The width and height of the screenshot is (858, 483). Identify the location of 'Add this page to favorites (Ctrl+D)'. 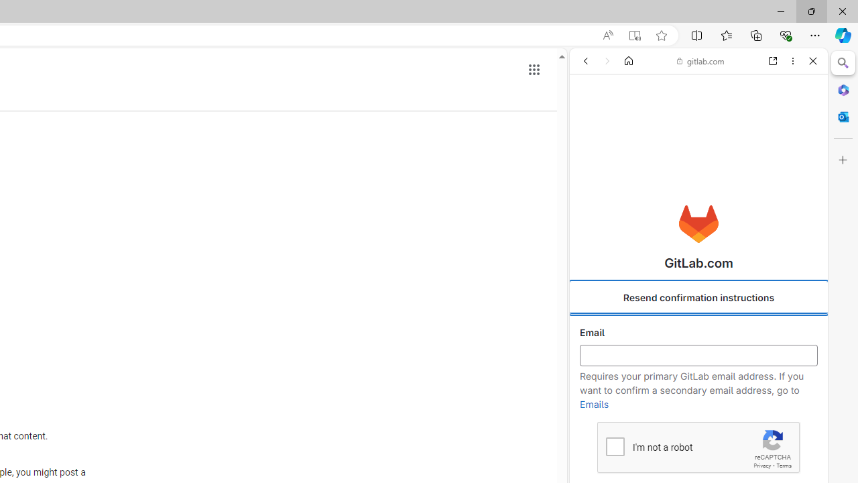
(661, 35).